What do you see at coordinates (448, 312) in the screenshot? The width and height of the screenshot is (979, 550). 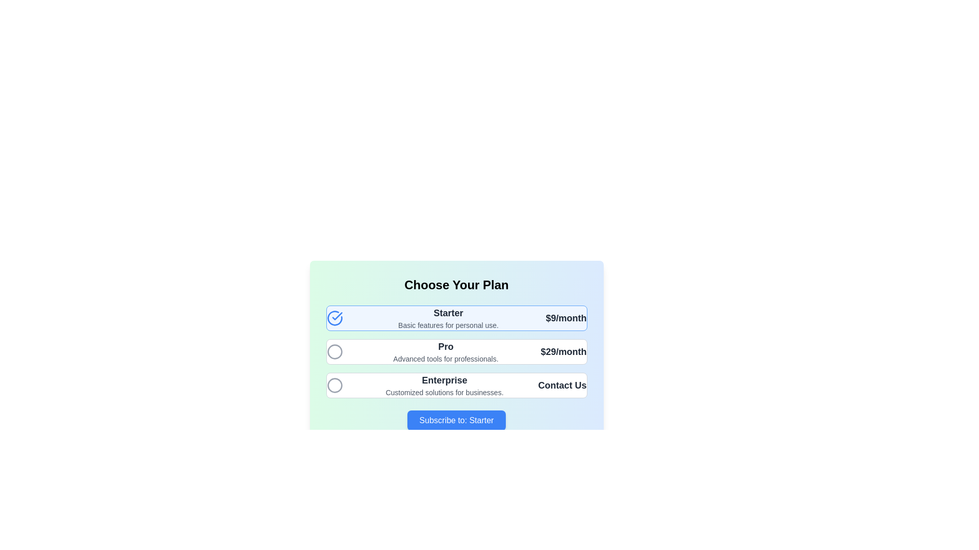 I see `the text label that serves as the title of the 'Starter' subscription plan` at bounding box center [448, 312].